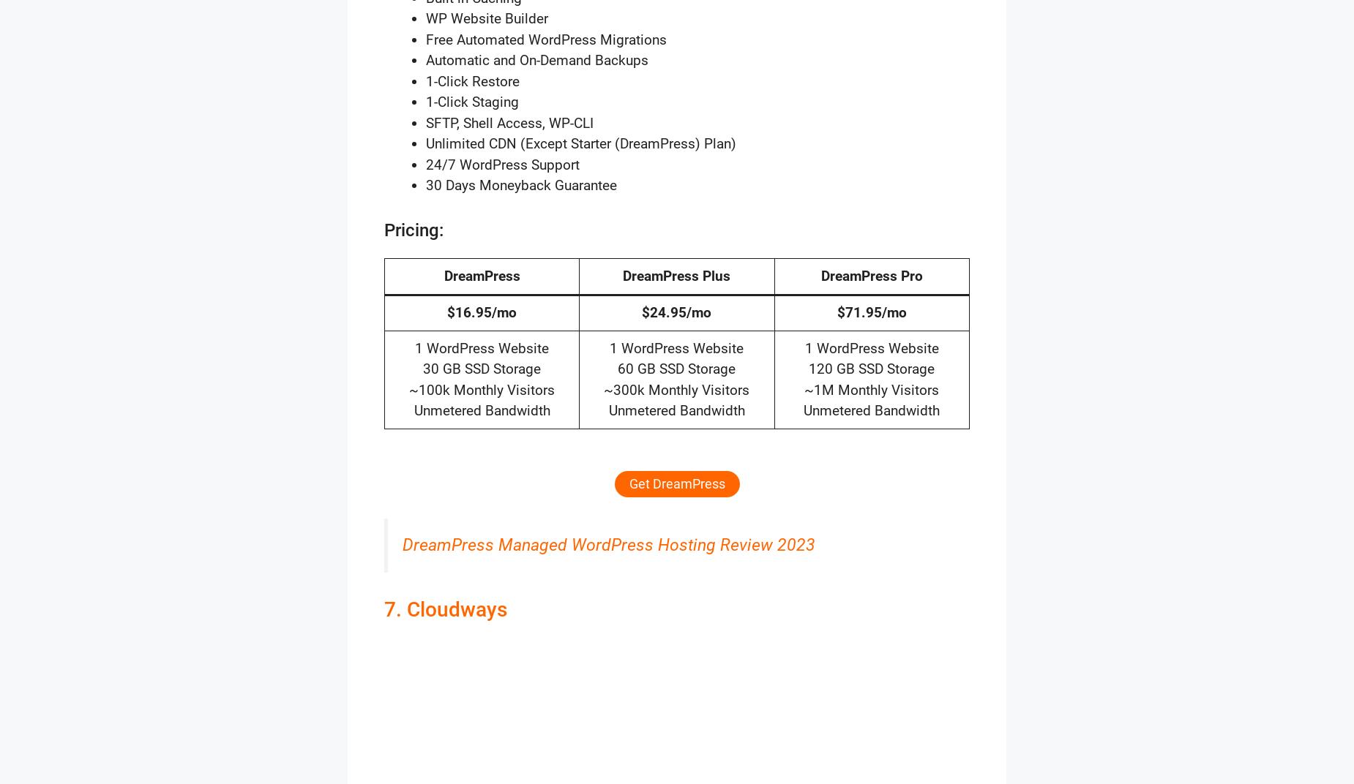 Image resolution: width=1354 pixels, height=784 pixels. I want to click on 'Automatic and On-Demand Backups', so click(537, 60).